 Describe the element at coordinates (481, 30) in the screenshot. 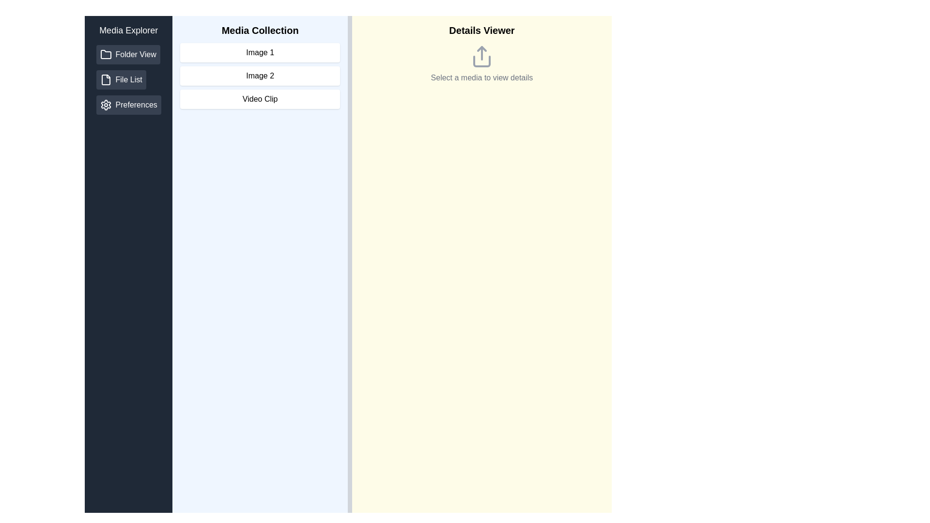

I see `the text label at the top center of the rightmost section of the layout, which serves as a header indicating focus on viewing detailed information` at that location.